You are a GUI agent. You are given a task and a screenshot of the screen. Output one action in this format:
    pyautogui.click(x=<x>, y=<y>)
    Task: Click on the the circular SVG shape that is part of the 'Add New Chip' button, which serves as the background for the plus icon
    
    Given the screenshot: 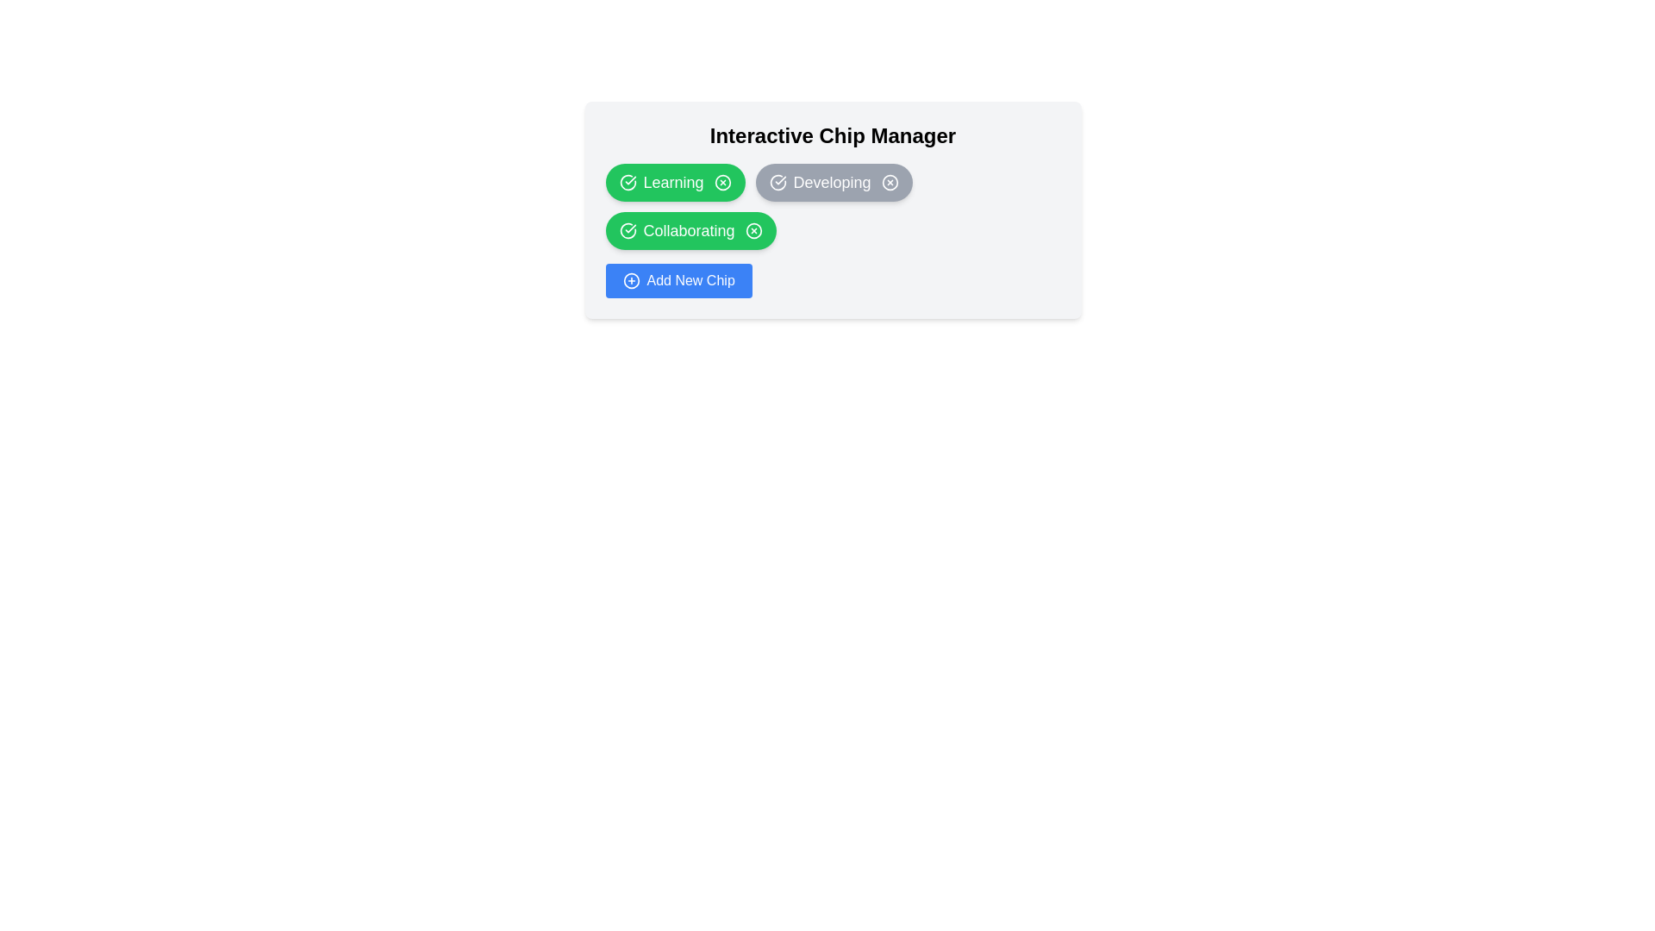 What is the action you would take?
    pyautogui.click(x=630, y=280)
    